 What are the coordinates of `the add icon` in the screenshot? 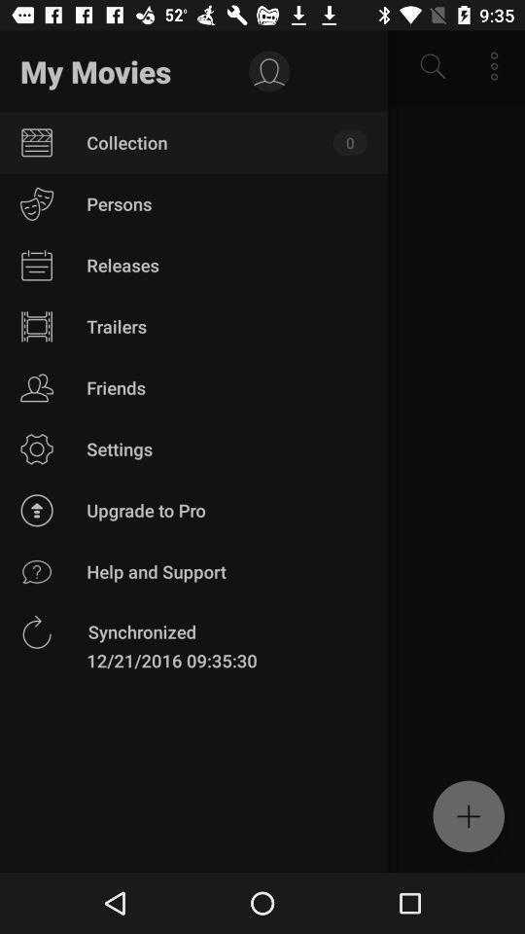 It's located at (468, 816).